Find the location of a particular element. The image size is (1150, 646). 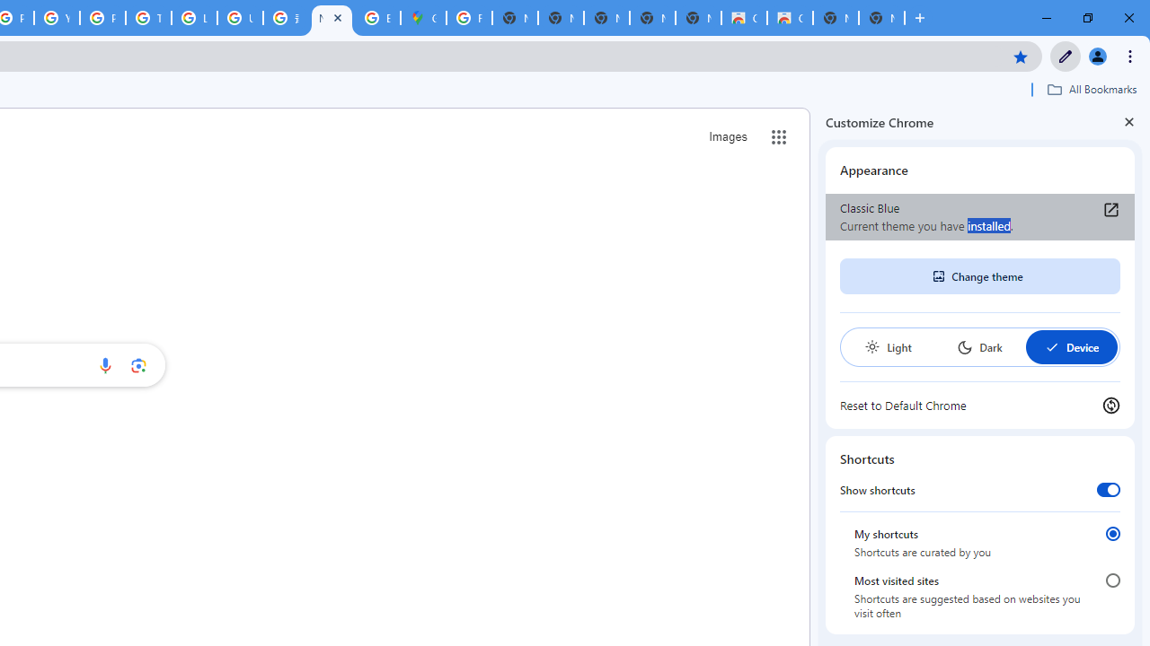

'Google Maps' is located at coordinates (422, 18).